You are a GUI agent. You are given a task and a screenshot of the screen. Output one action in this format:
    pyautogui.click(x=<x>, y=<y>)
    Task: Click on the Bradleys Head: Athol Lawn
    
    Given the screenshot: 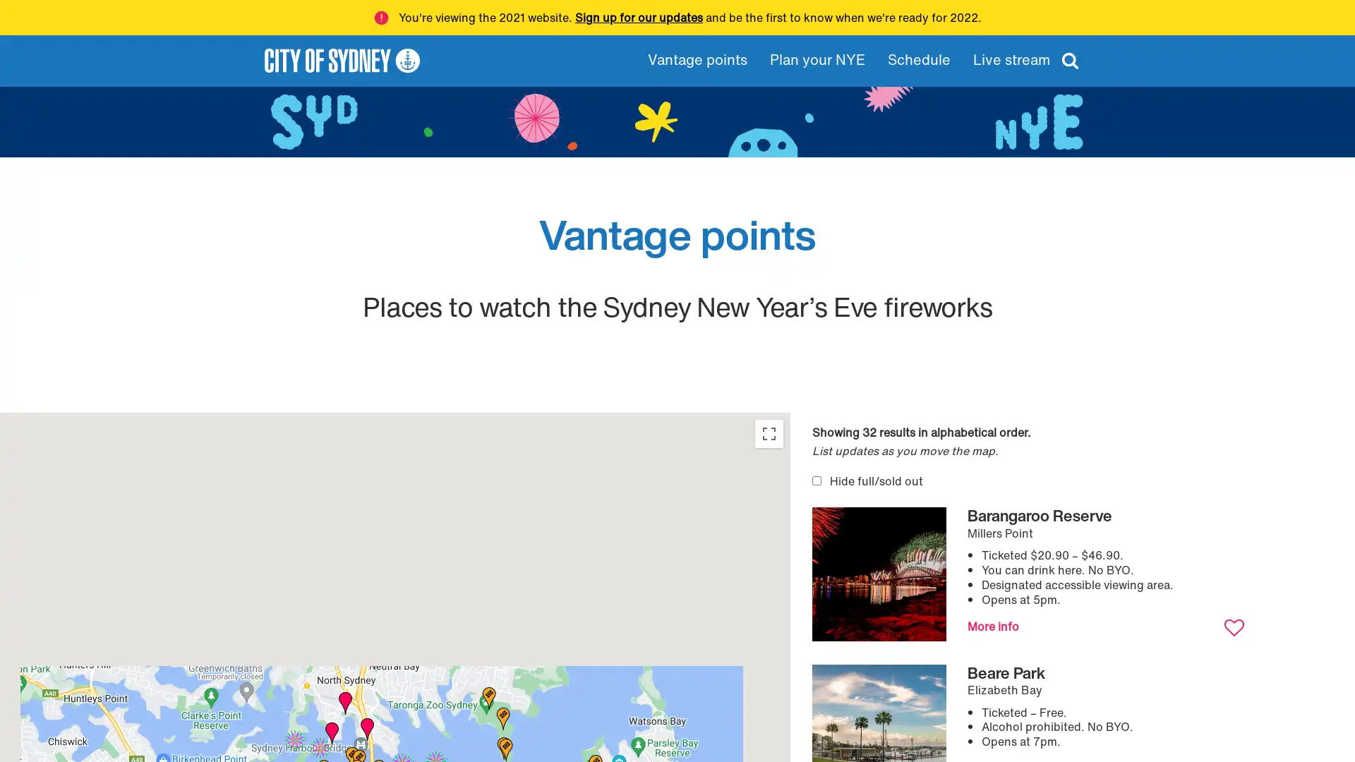 What is the action you would take?
    pyautogui.click(x=502, y=739)
    